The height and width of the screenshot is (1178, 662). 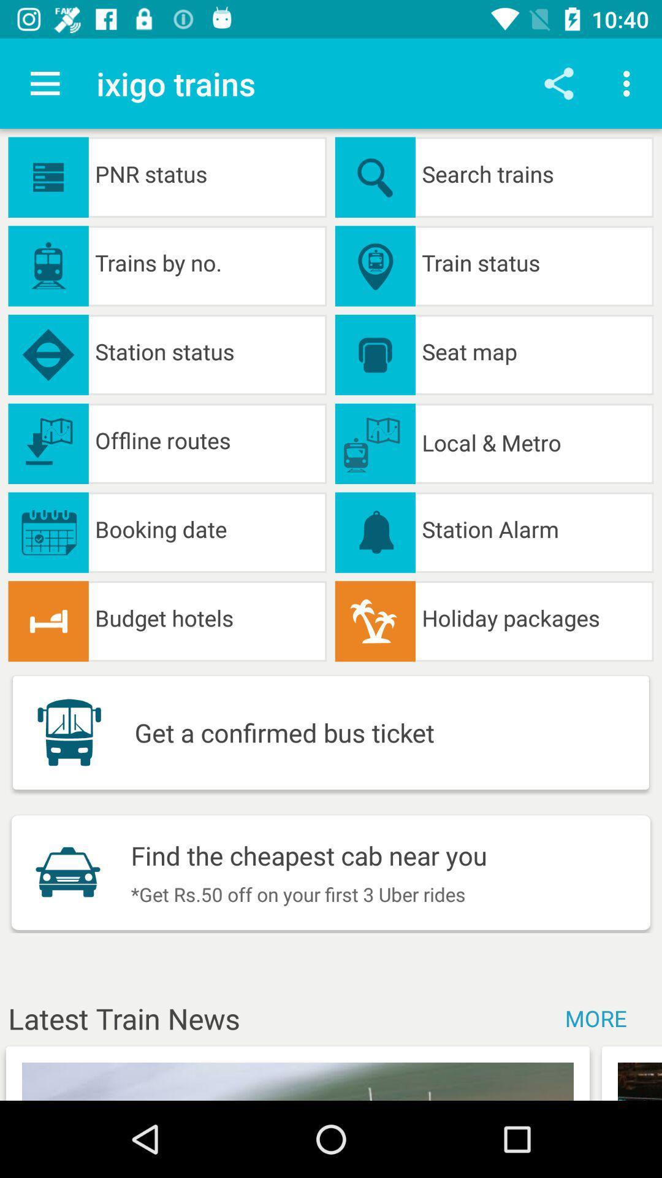 What do you see at coordinates (44, 83) in the screenshot?
I see `the item next to the ixigo trains icon` at bounding box center [44, 83].